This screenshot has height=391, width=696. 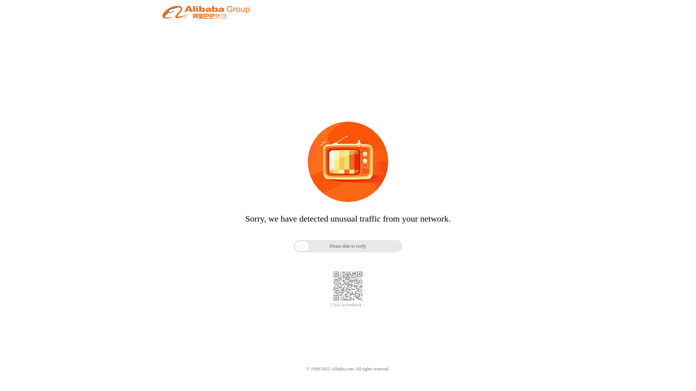 What do you see at coordinates (348, 305) in the screenshot?
I see `'Click to feedback >'` at bounding box center [348, 305].